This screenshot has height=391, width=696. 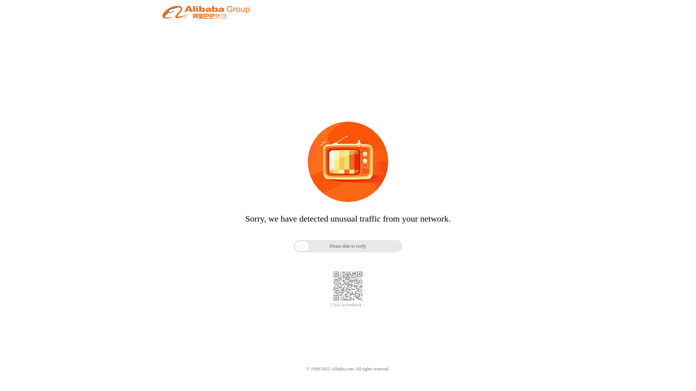 What do you see at coordinates (348, 305) in the screenshot?
I see `'Click to feedback >'` at bounding box center [348, 305].